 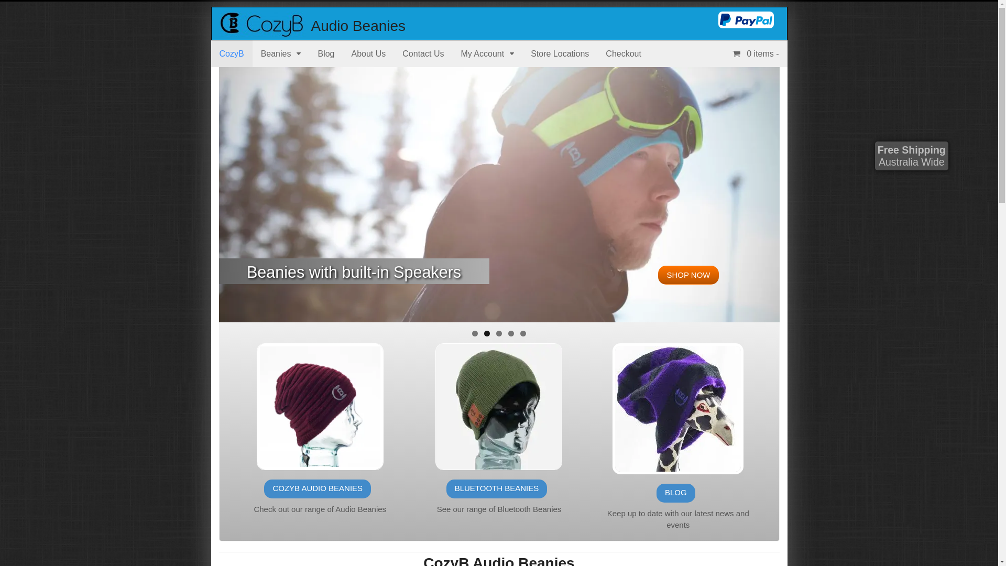 What do you see at coordinates (498, 333) in the screenshot?
I see `'3'` at bounding box center [498, 333].